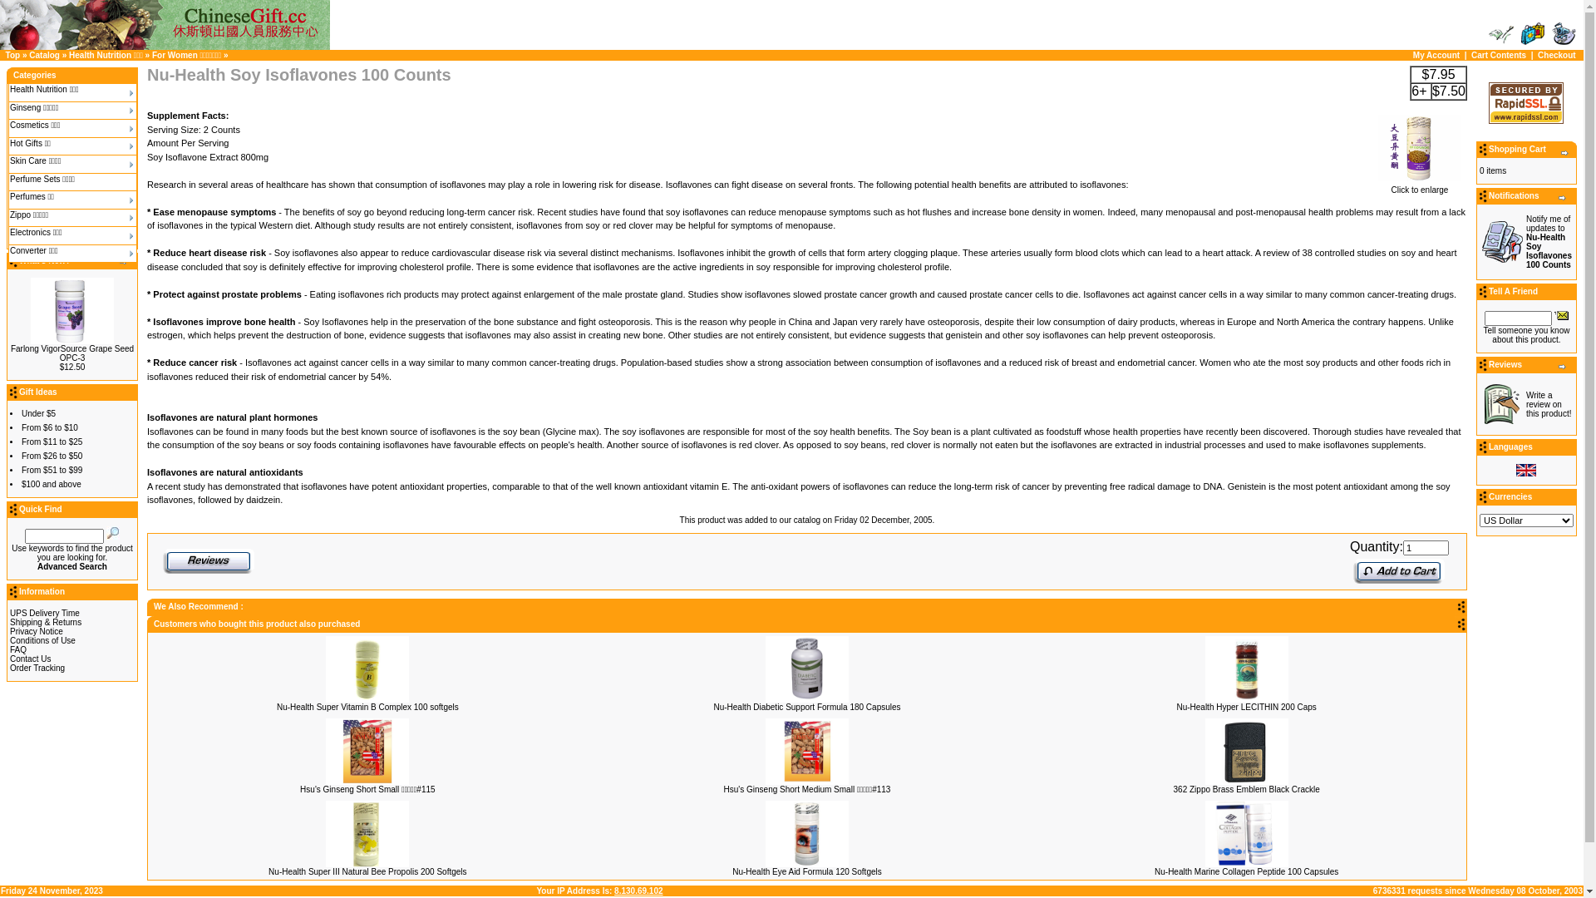  Describe the element at coordinates (12, 54) in the screenshot. I see `'Top'` at that location.